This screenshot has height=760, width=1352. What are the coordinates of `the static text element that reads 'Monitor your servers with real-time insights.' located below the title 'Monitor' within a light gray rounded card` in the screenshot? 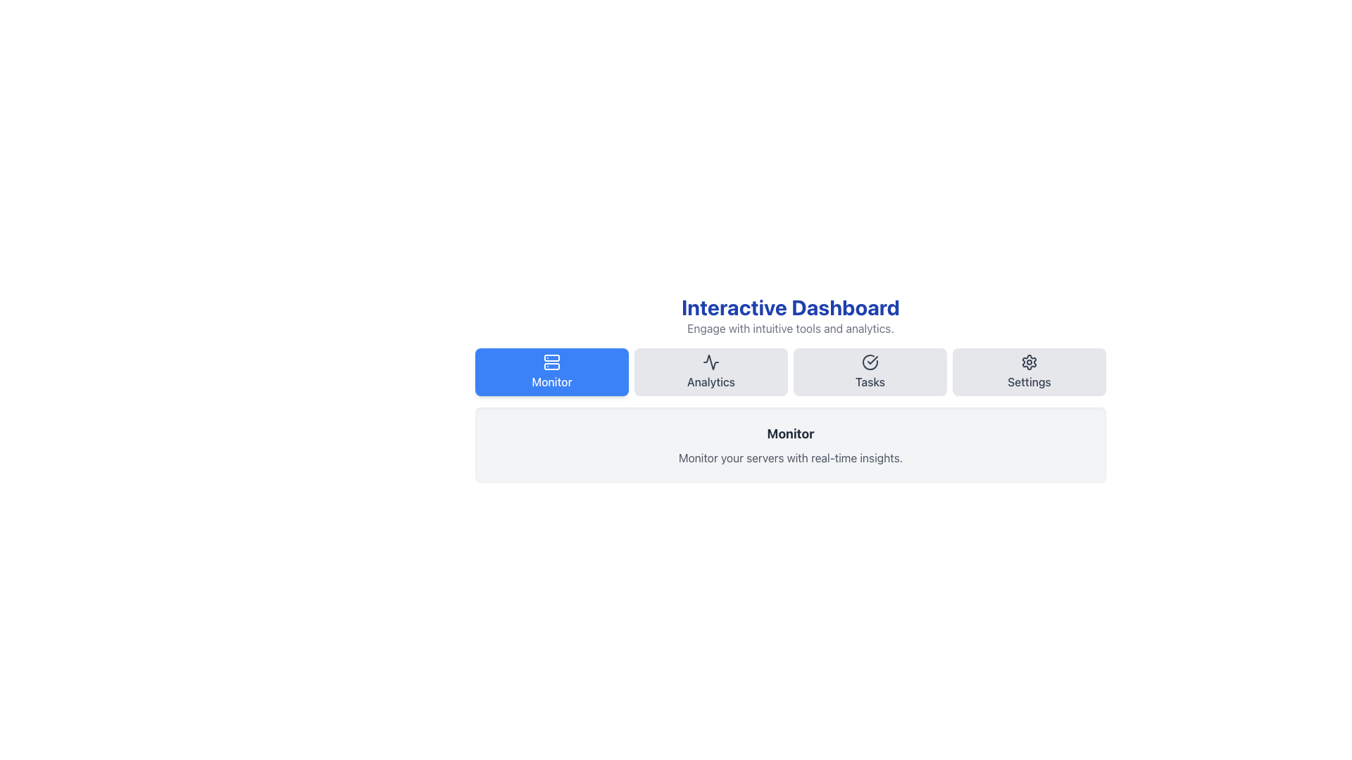 It's located at (791, 458).